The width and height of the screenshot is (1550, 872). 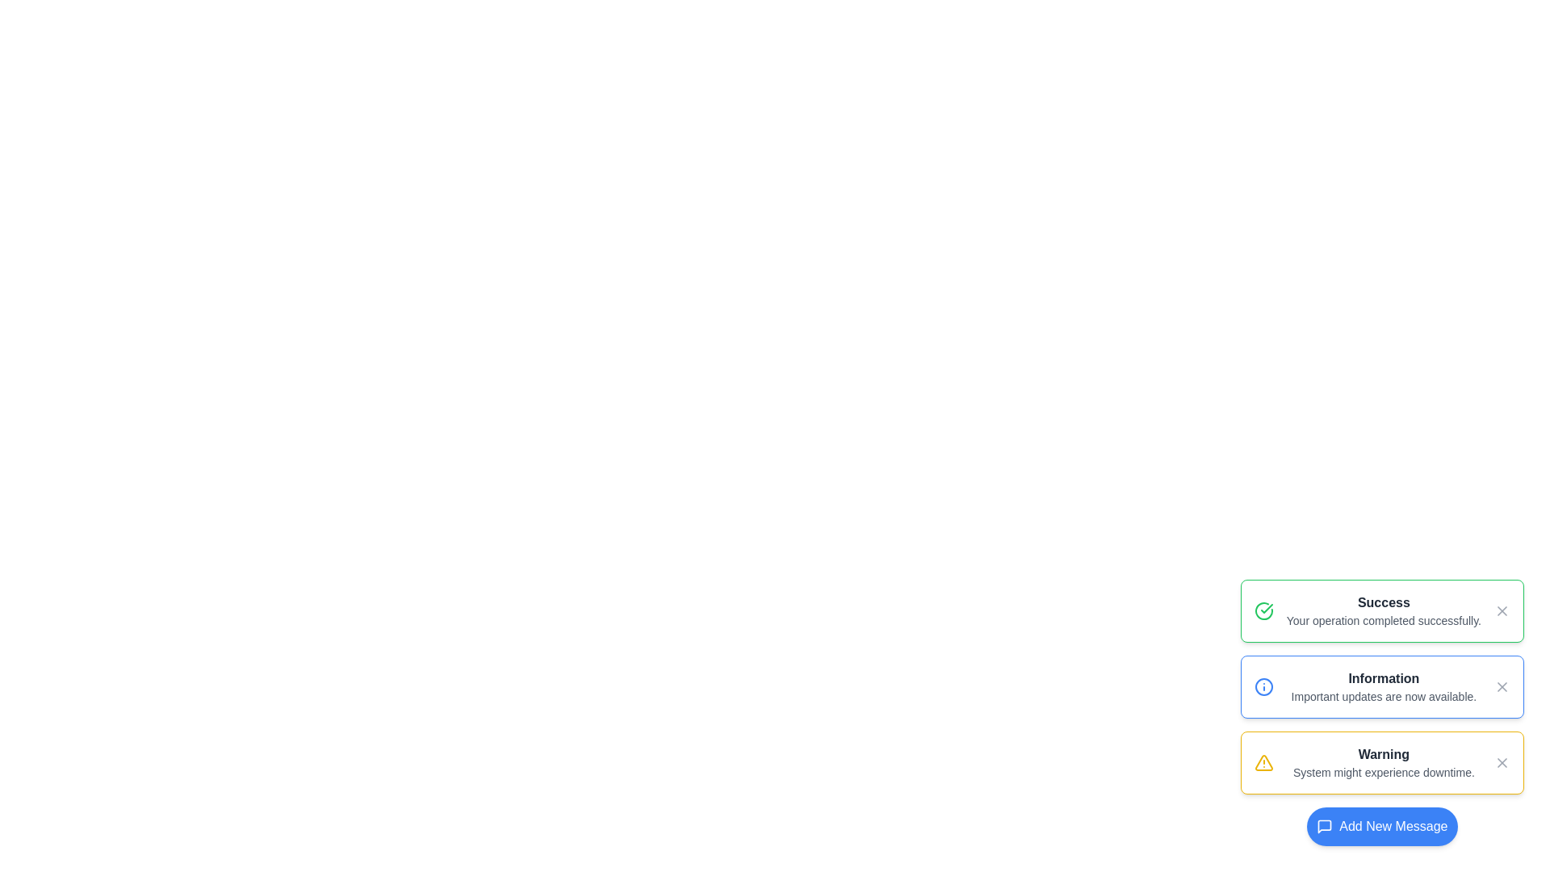 I want to click on the 'Success' text label which is in bold font and dark gray color, located in the top section of a green-bordered notification box, so click(x=1383, y=603).